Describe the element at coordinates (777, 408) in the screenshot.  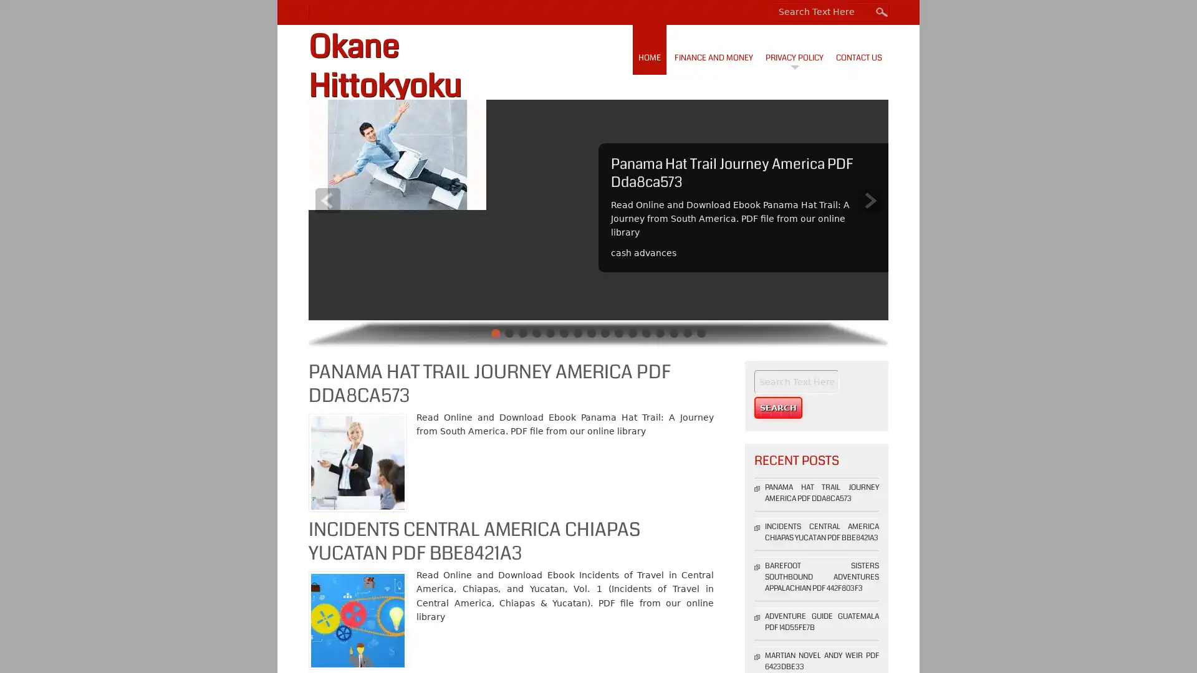
I see `Search` at that location.